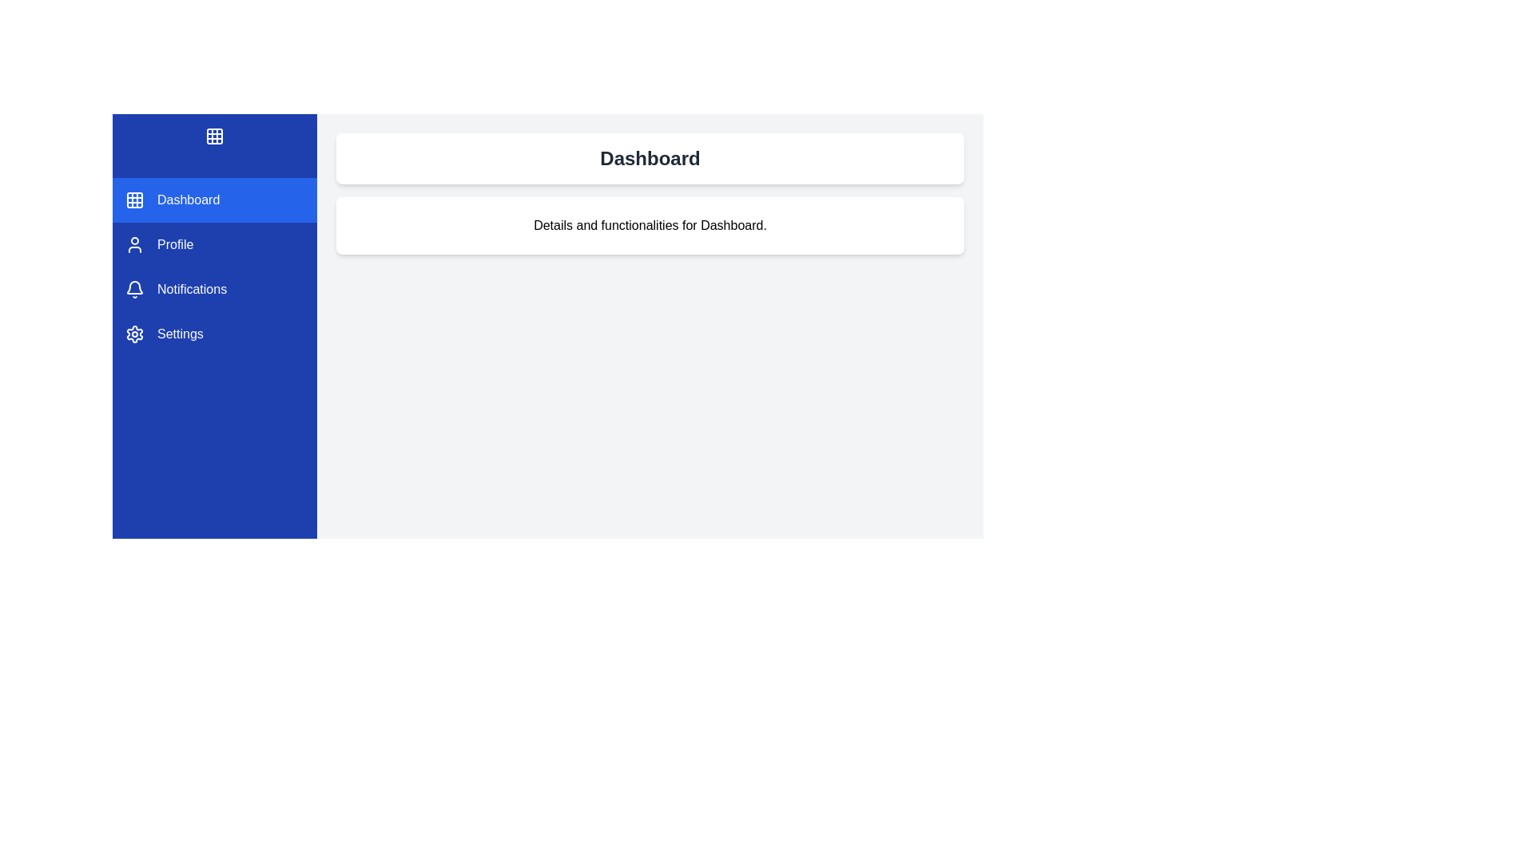 This screenshot has width=1534, height=862. Describe the element at coordinates (175, 245) in the screenshot. I see `the 'Profile' text label element located in the vertical menu on the left side of the interface, which is the second option below 'Dashboard' and above 'Notifications'` at that location.